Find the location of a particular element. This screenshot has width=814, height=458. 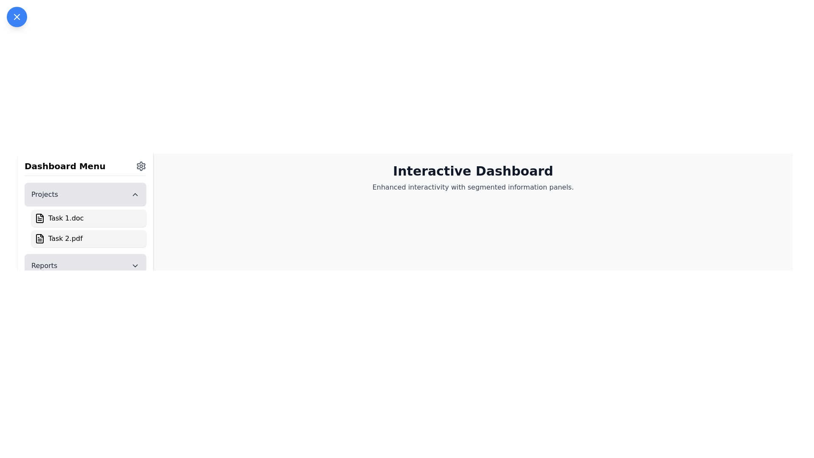

the Text Label for 'Task 1.doc' located in the 'Projects' section of the Dashboard Menu, which is the first entry in the list of items is located at coordinates (65, 218).